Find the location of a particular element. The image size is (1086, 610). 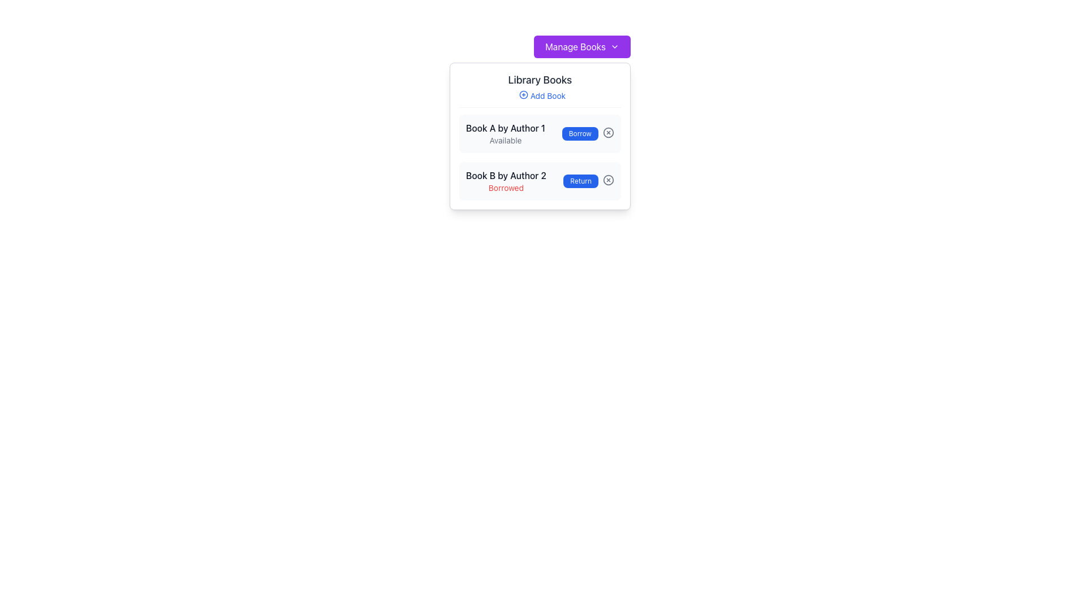

the SVG Circle icon indicating cancel or remove action associated with the 'Return' functionality, located to the right of the 'Return' button in the second list item for 'Book B by Author 2' is located at coordinates (607, 180).